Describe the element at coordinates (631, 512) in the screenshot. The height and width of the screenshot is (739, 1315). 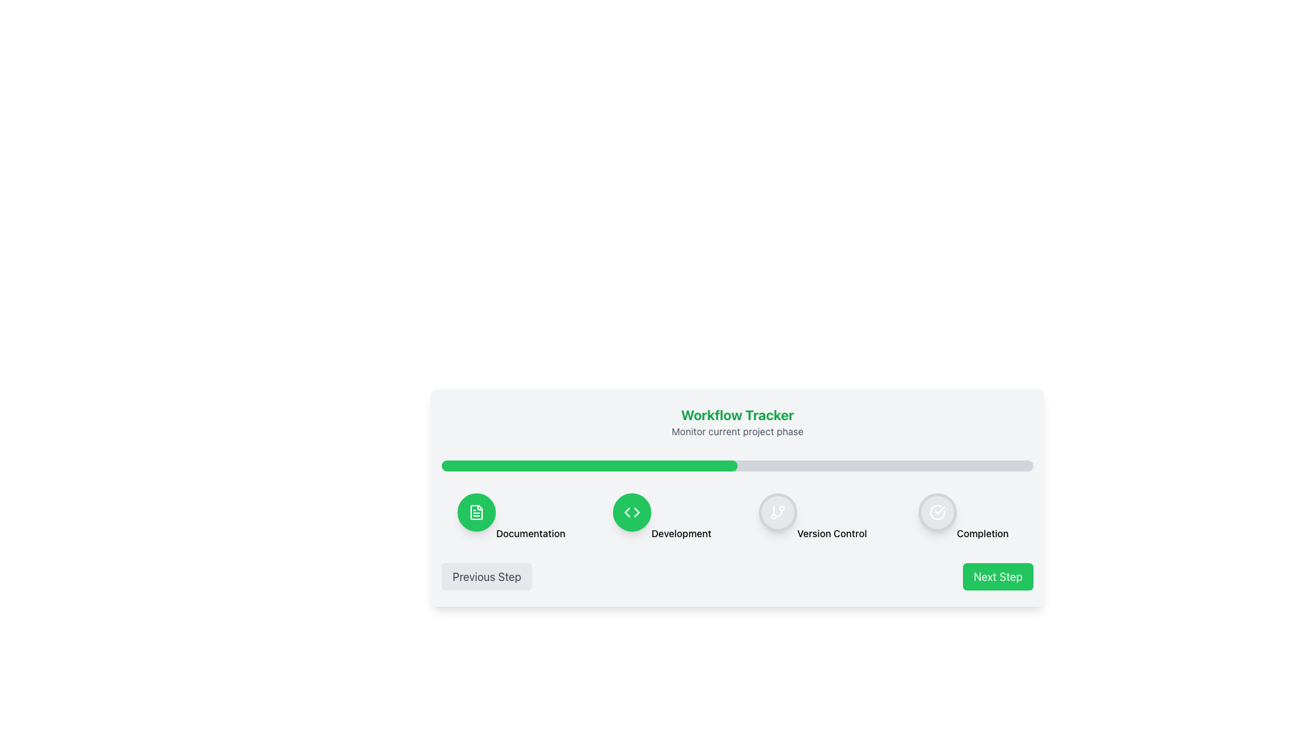
I see `the state of the circular green button with a white double-arrow coding icon, located in the center of the 'Development' component, between 'Documentation' and 'Version Control'` at that location.